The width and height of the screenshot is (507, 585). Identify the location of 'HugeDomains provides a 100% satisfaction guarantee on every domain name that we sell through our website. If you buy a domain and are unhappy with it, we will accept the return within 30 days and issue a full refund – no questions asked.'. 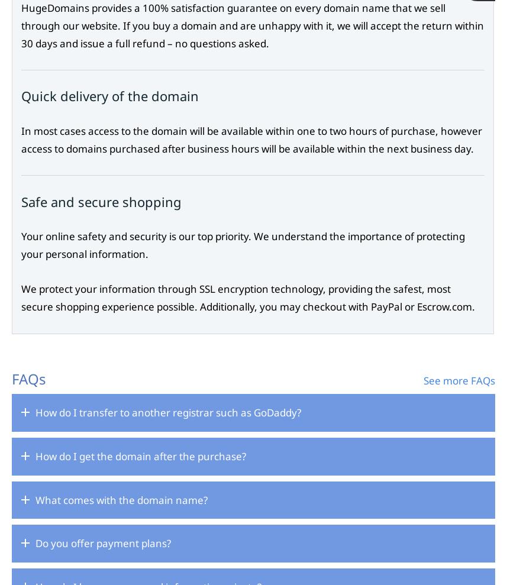
(252, 25).